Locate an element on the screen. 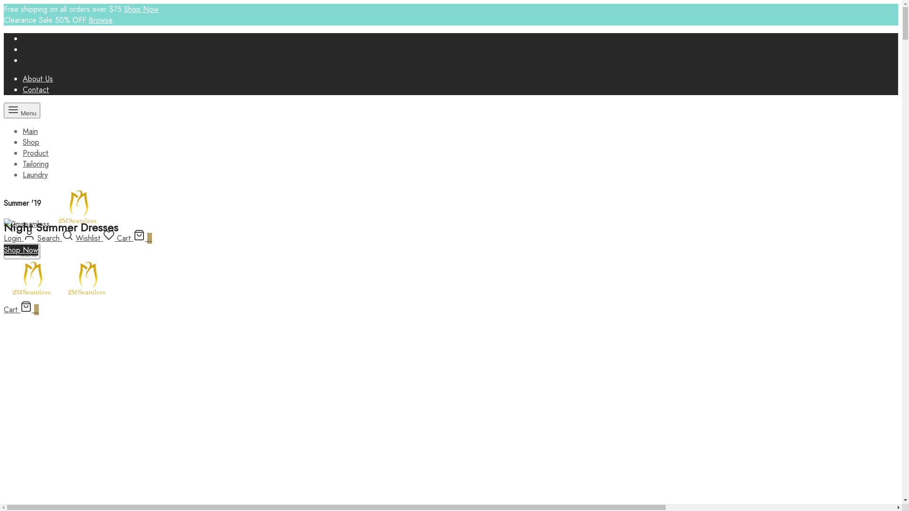  'Menu' is located at coordinates (22, 110).